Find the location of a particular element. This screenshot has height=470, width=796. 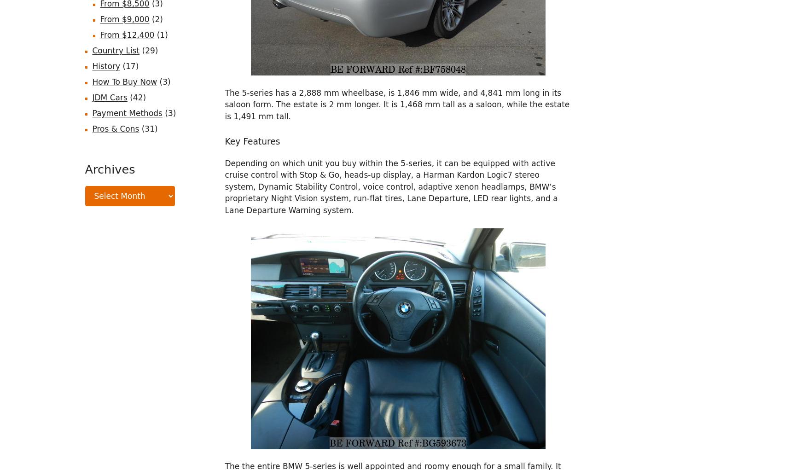

'JDM Cars' is located at coordinates (109, 97).